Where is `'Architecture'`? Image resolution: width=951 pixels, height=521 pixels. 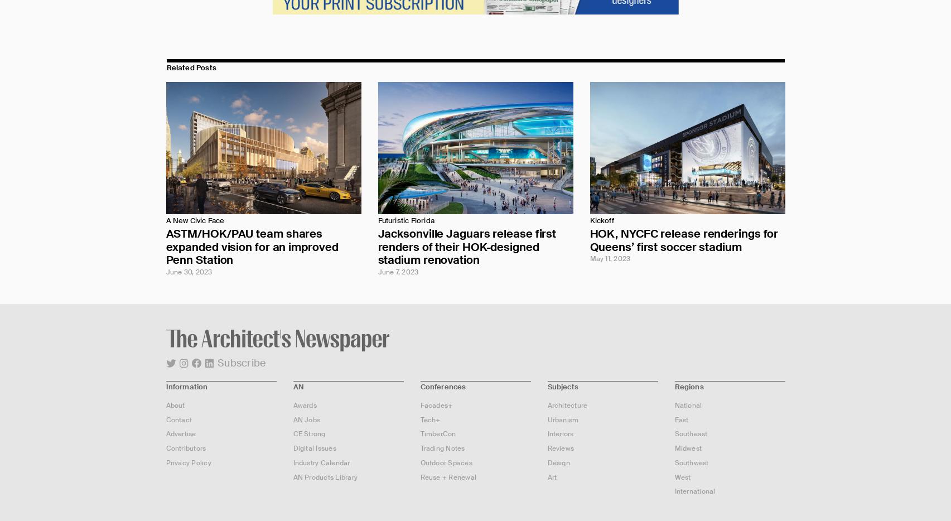
'Architecture' is located at coordinates (547, 404).